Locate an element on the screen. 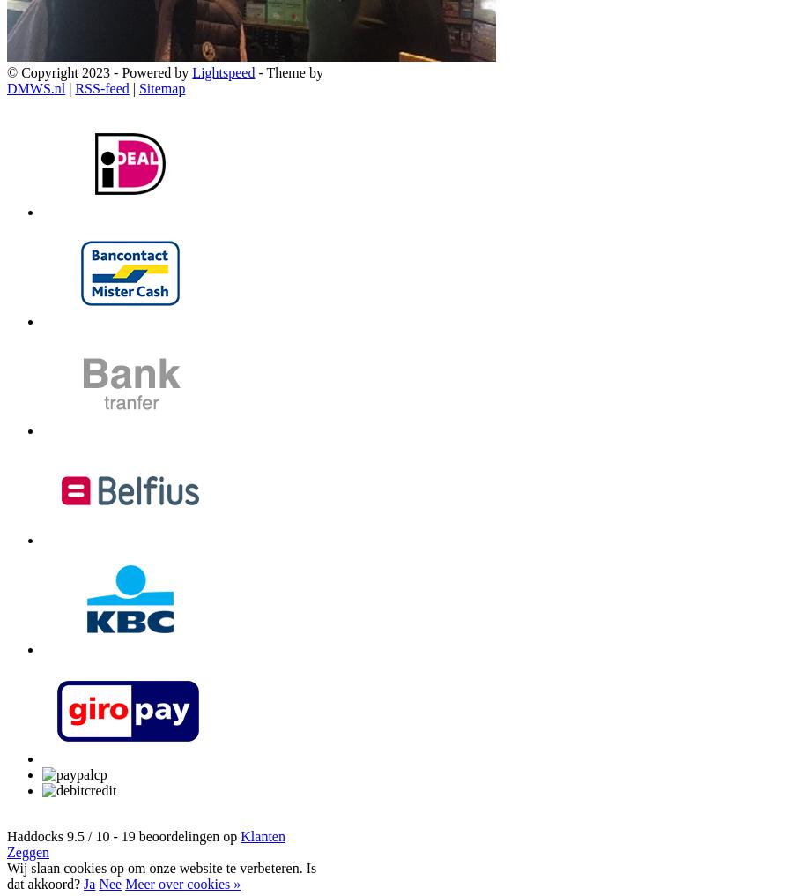 The image size is (800, 896). '19' is located at coordinates (130, 835).